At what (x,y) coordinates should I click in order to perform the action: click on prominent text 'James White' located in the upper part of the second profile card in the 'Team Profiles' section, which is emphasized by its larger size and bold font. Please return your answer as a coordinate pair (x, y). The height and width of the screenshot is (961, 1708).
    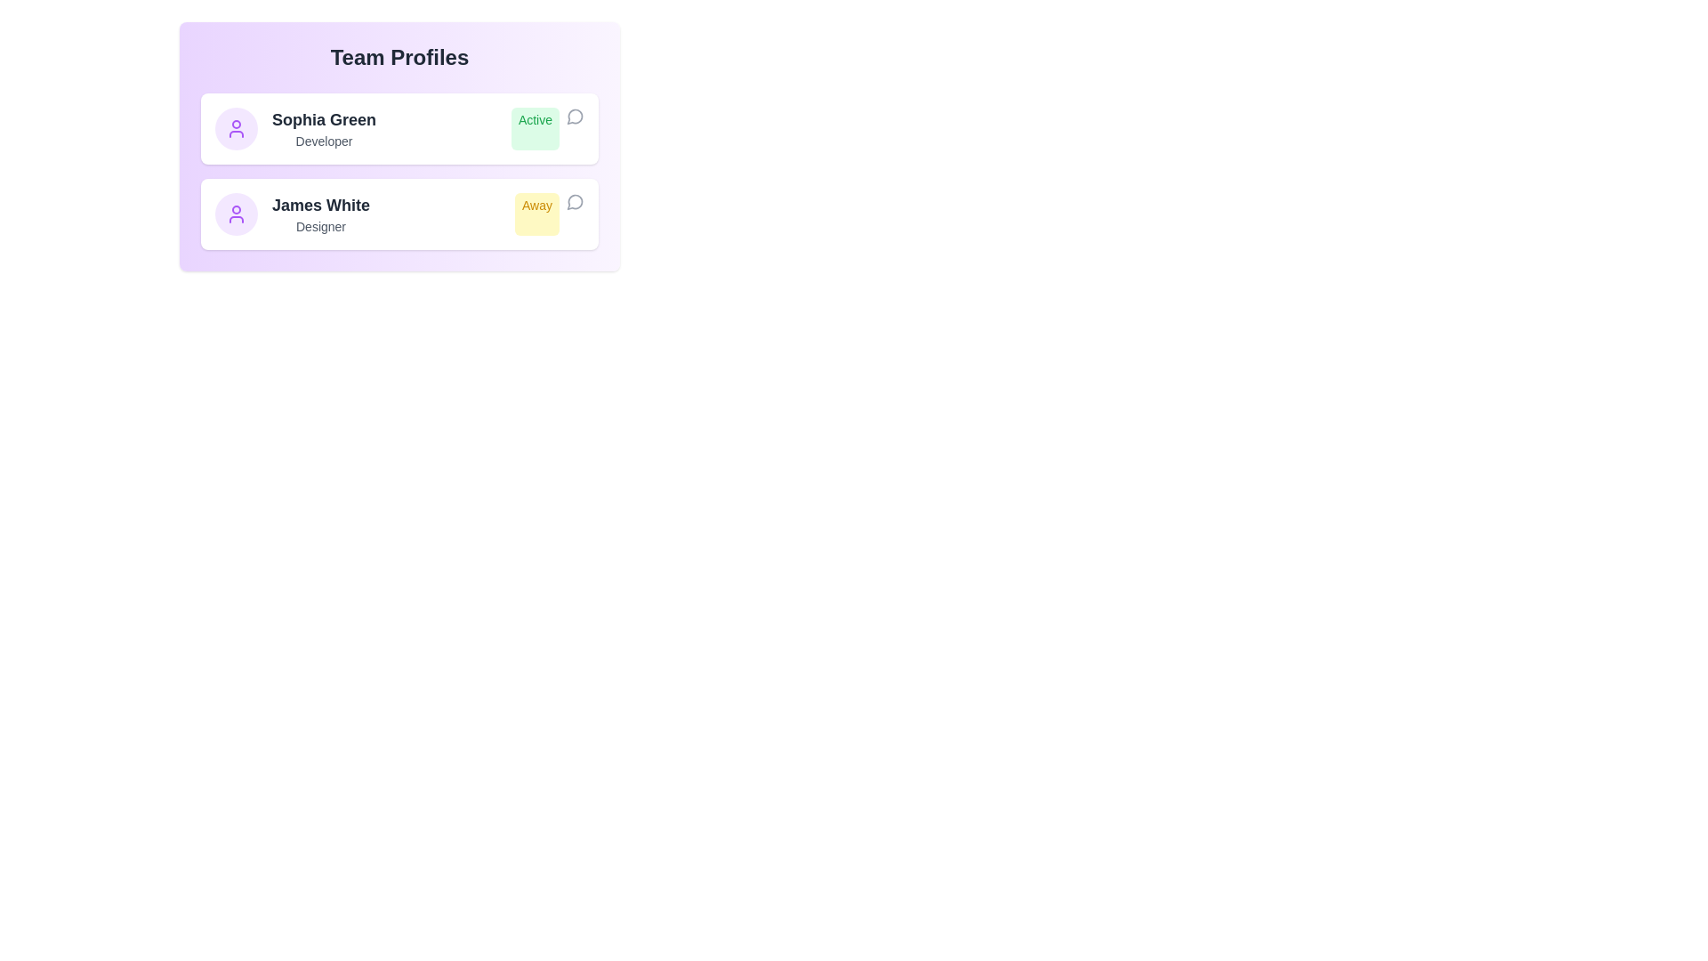
    Looking at the image, I should click on (320, 205).